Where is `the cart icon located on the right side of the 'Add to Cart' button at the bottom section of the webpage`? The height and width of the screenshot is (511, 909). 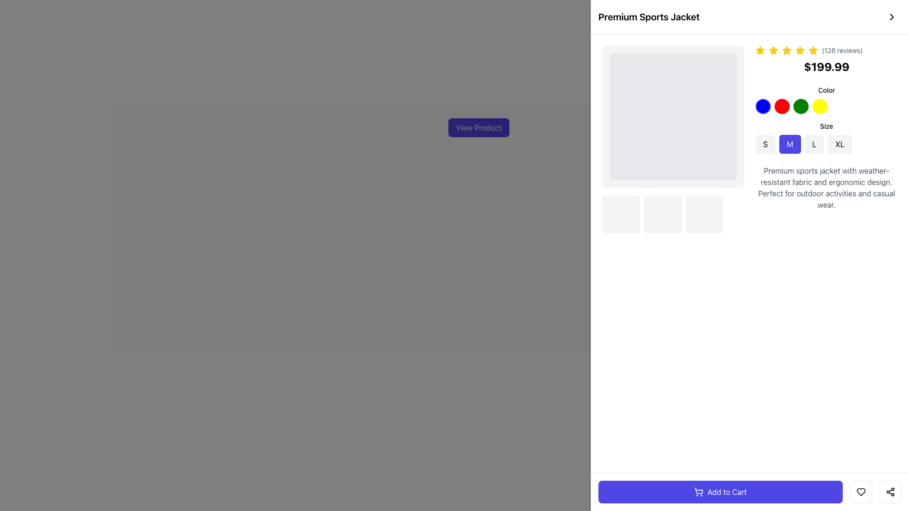
the cart icon located on the right side of the 'Add to Cart' button at the bottom section of the webpage is located at coordinates (699, 492).